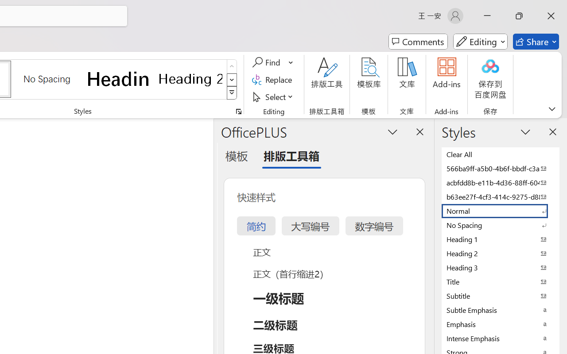 Image resolution: width=567 pixels, height=354 pixels. Describe the element at coordinates (232, 79) in the screenshot. I see `'Row Down'` at that location.